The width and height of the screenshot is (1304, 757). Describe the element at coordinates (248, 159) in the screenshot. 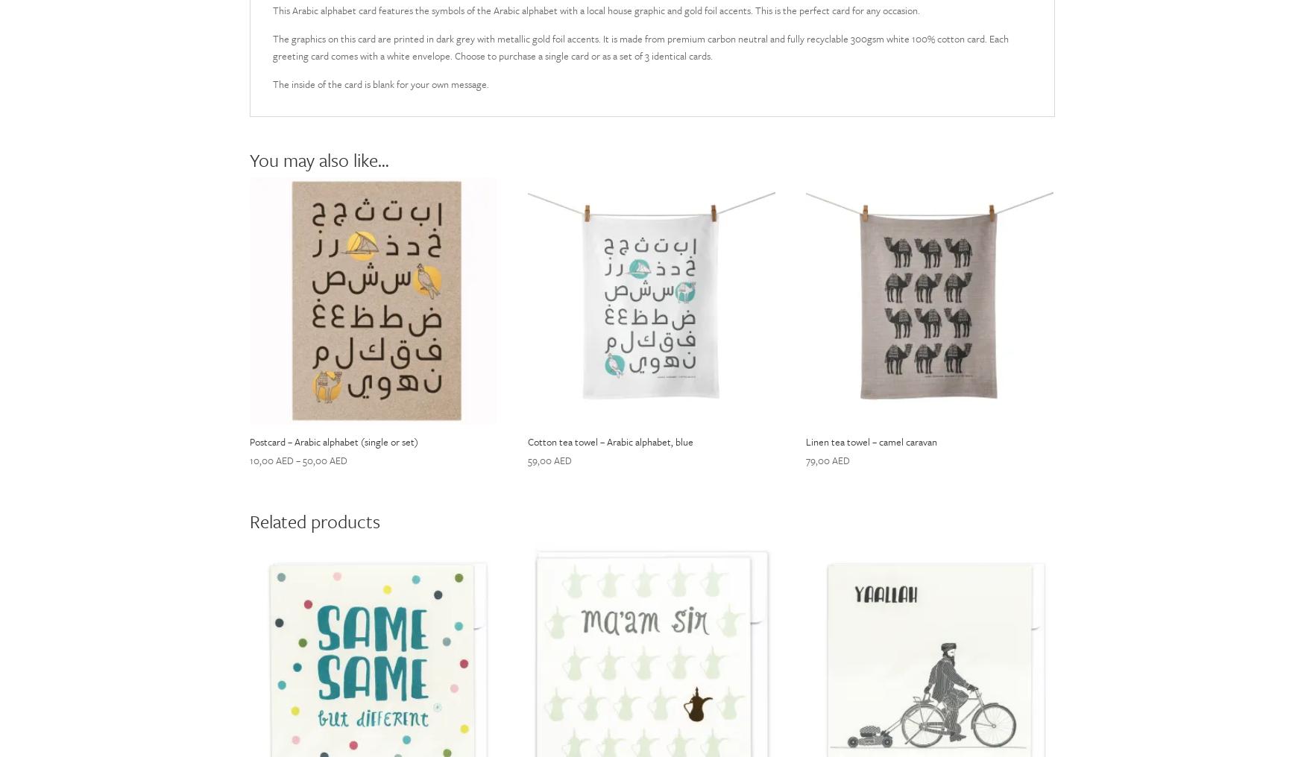

I see `'You may also like…'` at that location.